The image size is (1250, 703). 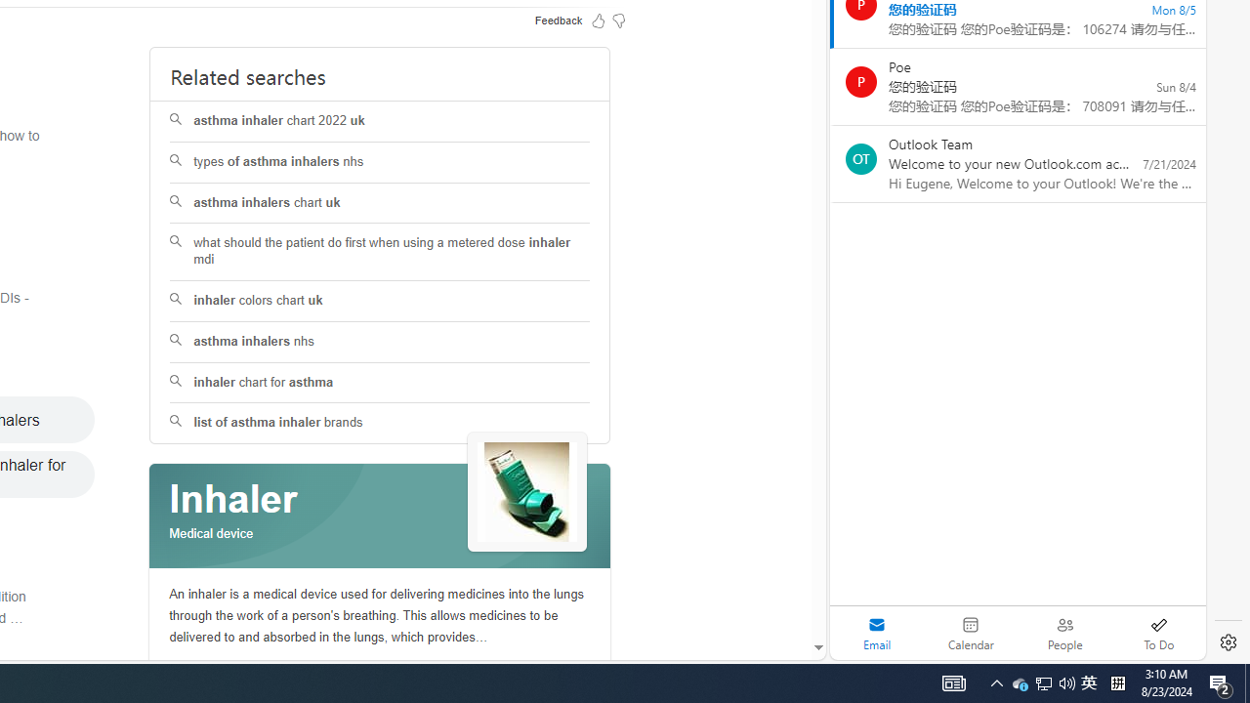 I want to click on 'asthma inhalers nhs', so click(x=380, y=340).